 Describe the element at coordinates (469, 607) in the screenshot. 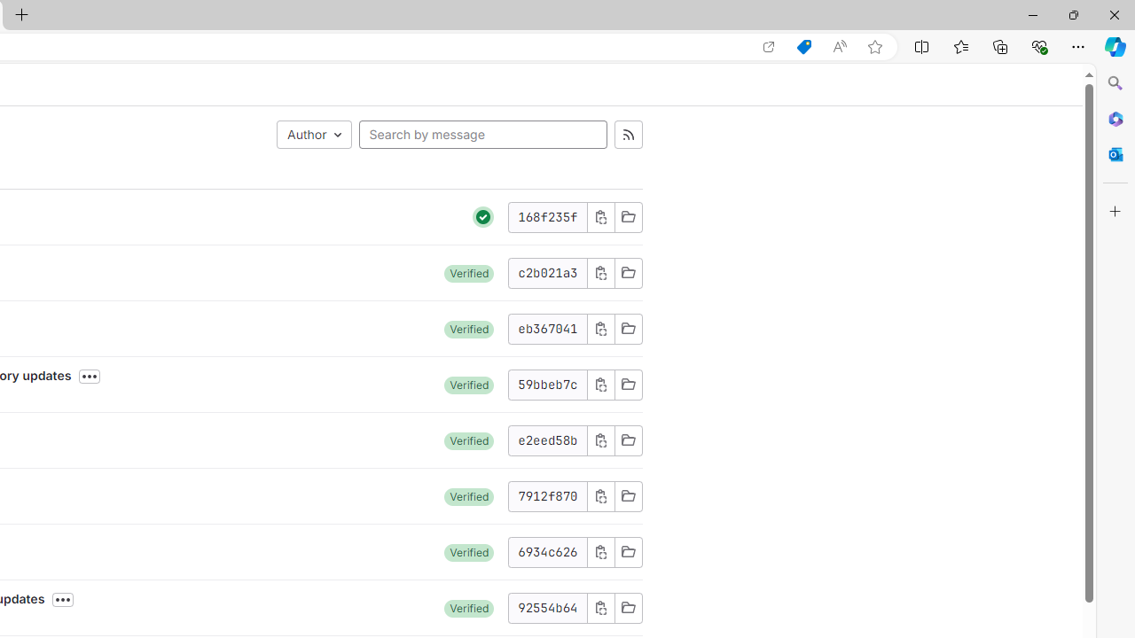

I see `'Verified'` at that location.